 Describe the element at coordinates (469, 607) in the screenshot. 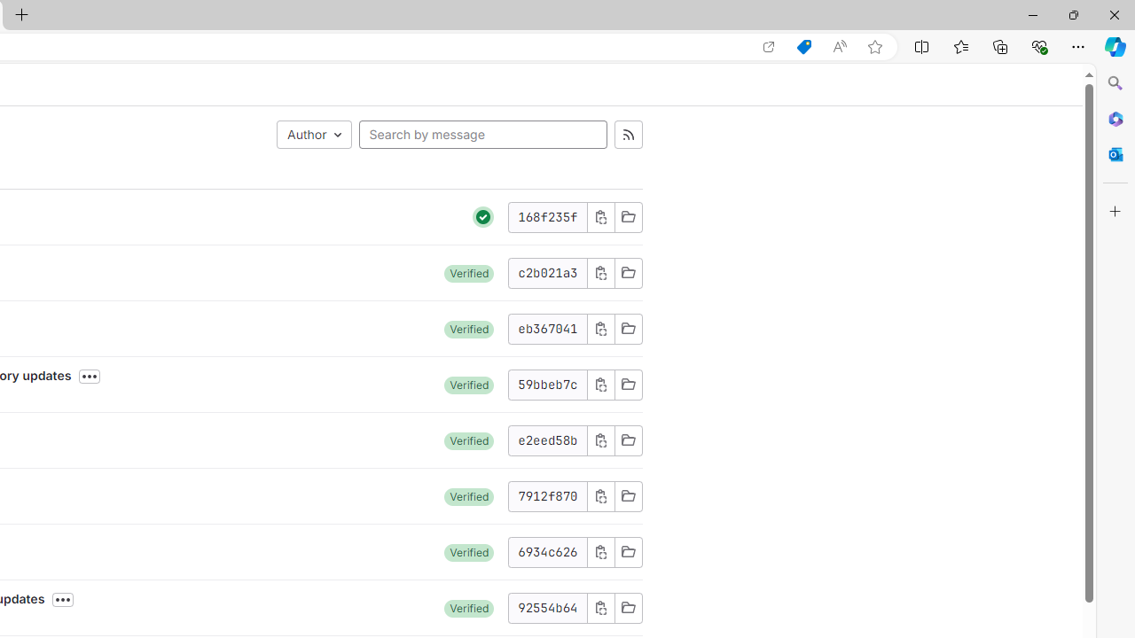

I see `'Verified'` at that location.